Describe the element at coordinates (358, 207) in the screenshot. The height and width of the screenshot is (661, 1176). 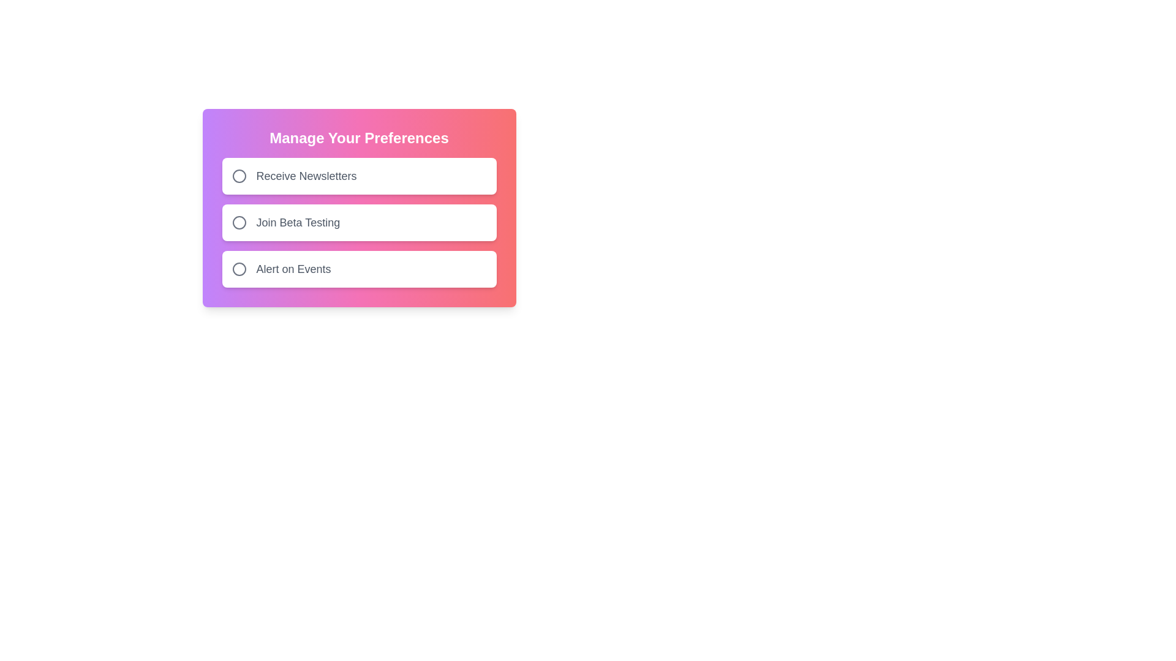
I see `the selectable list option titled 'Join Beta Testing' in the preferences management panel` at that location.